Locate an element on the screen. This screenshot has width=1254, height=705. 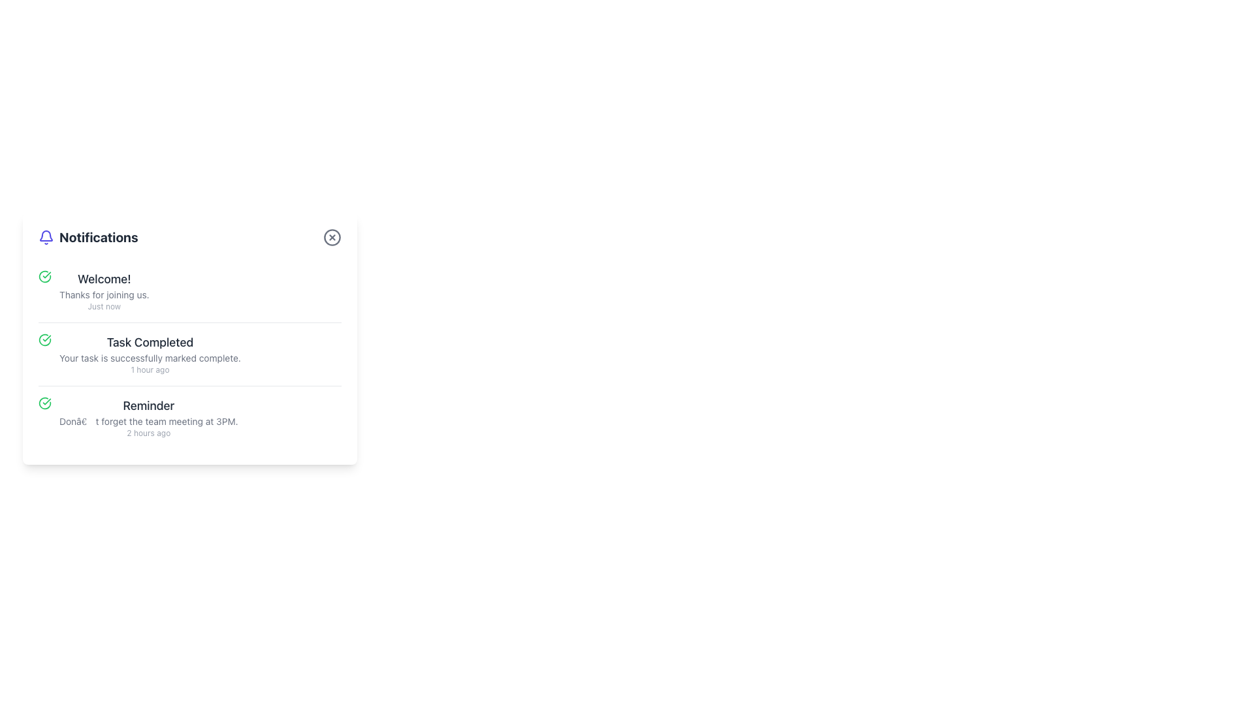
the Notification Card that indicates task completion, titled 'Task Completed', which is the second notification in the panel is located at coordinates (189, 338).